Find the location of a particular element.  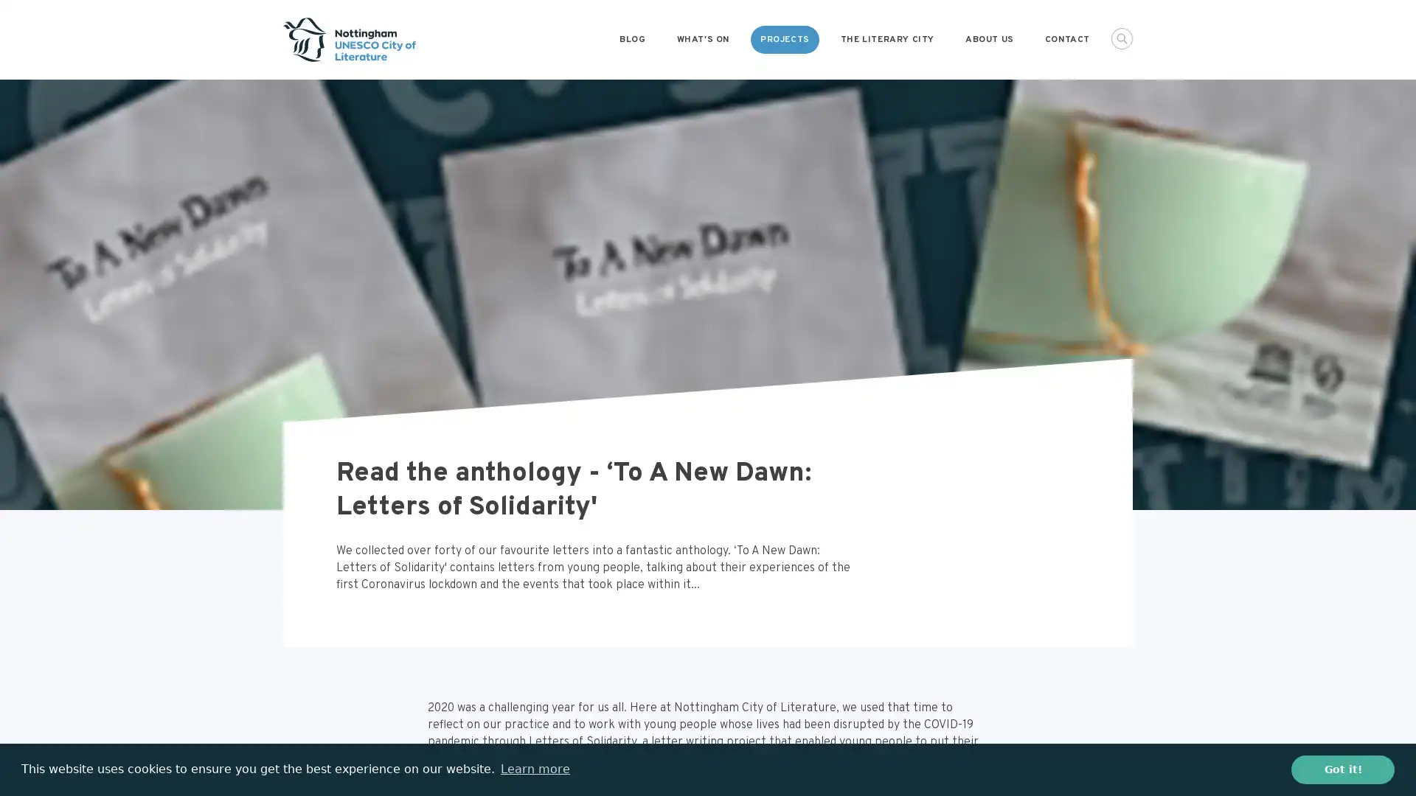

learn more about cookies is located at coordinates (534, 769).